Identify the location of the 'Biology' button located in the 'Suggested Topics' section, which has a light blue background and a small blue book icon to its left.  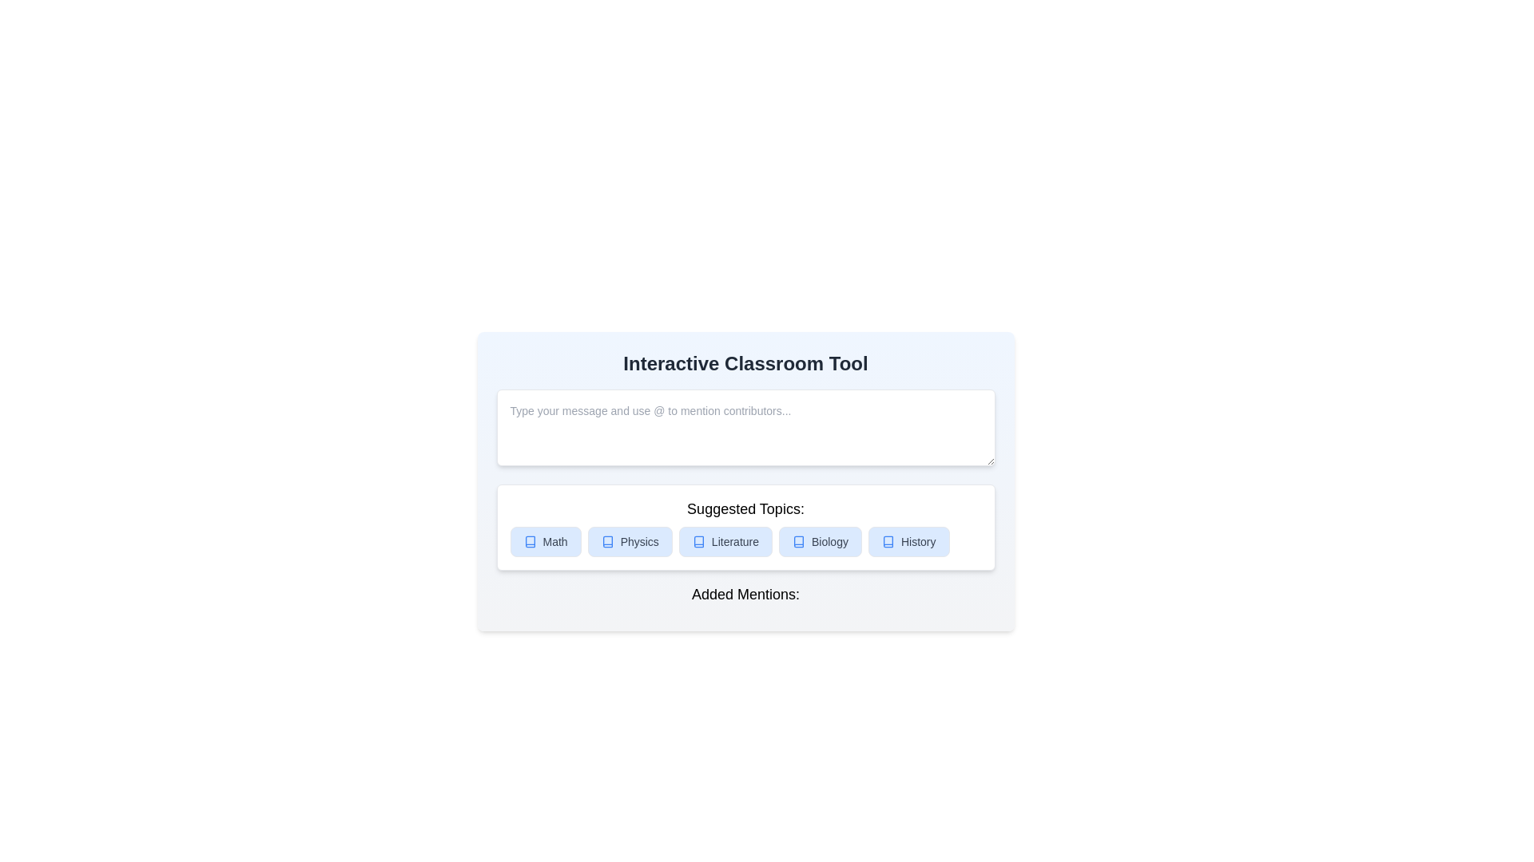
(821, 540).